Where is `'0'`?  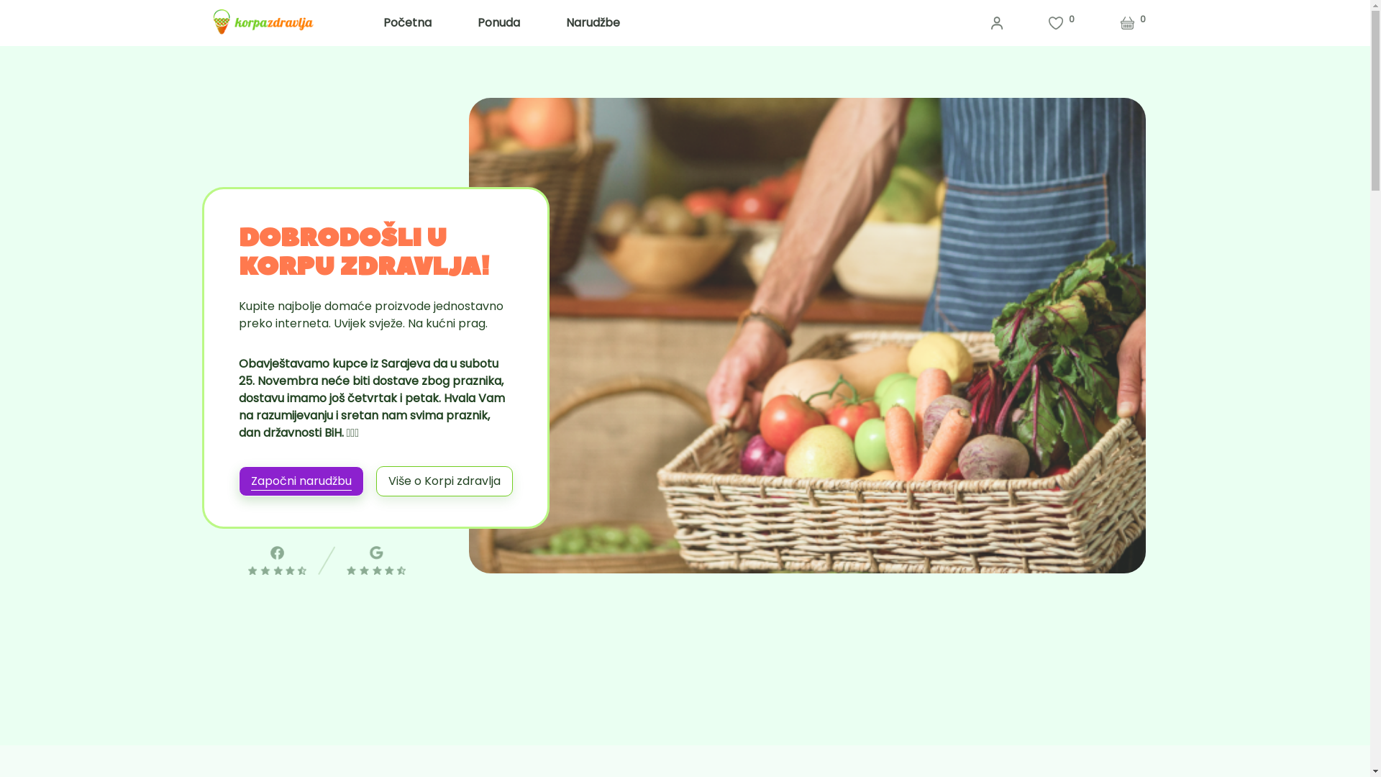
'0' is located at coordinates (1097, 22).